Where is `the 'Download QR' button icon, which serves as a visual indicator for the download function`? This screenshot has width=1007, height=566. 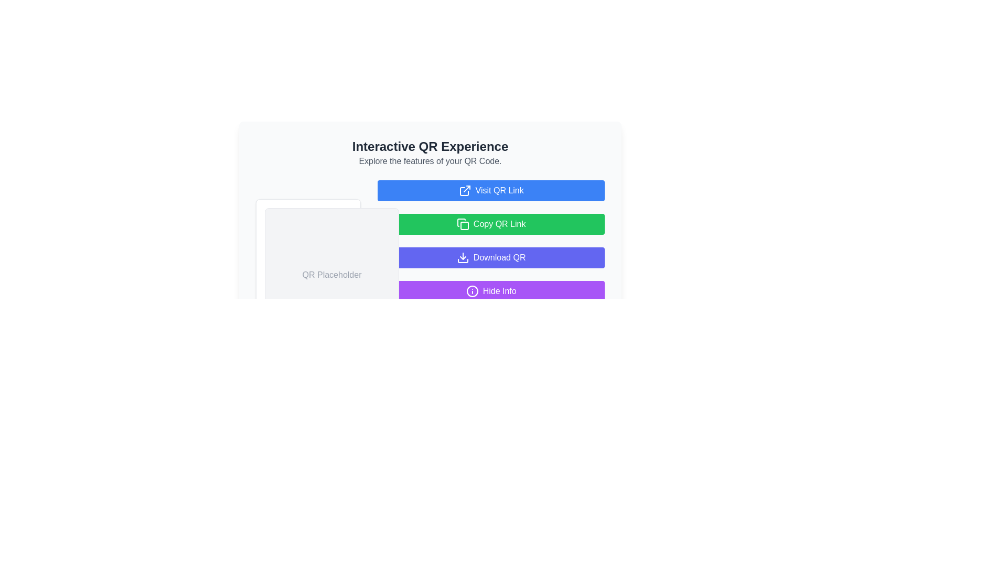 the 'Download QR' button icon, which serves as a visual indicator for the download function is located at coordinates (462, 258).